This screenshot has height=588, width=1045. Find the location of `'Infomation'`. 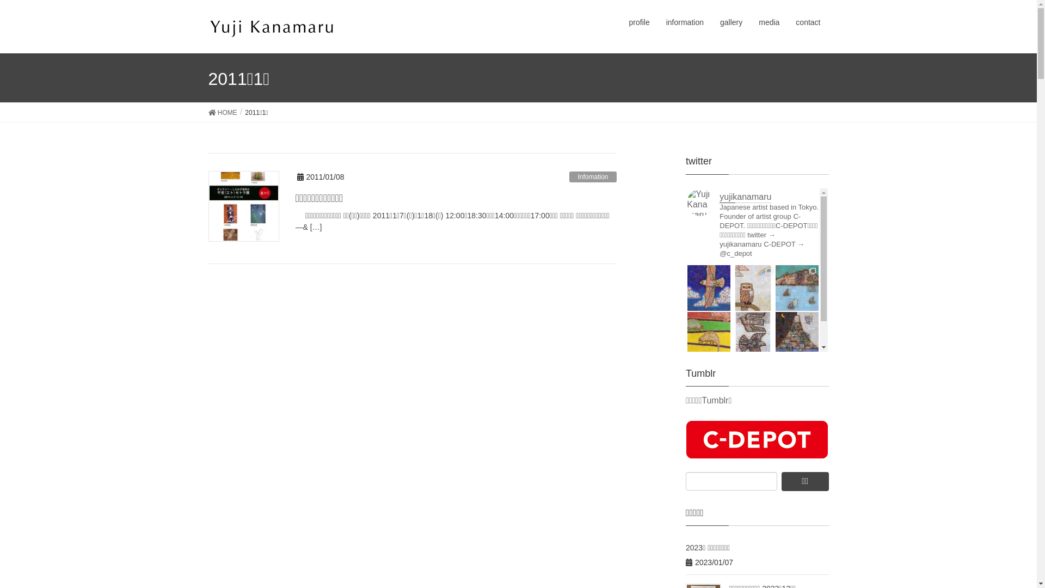

'Infomation' is located at coordinates (592, 176).